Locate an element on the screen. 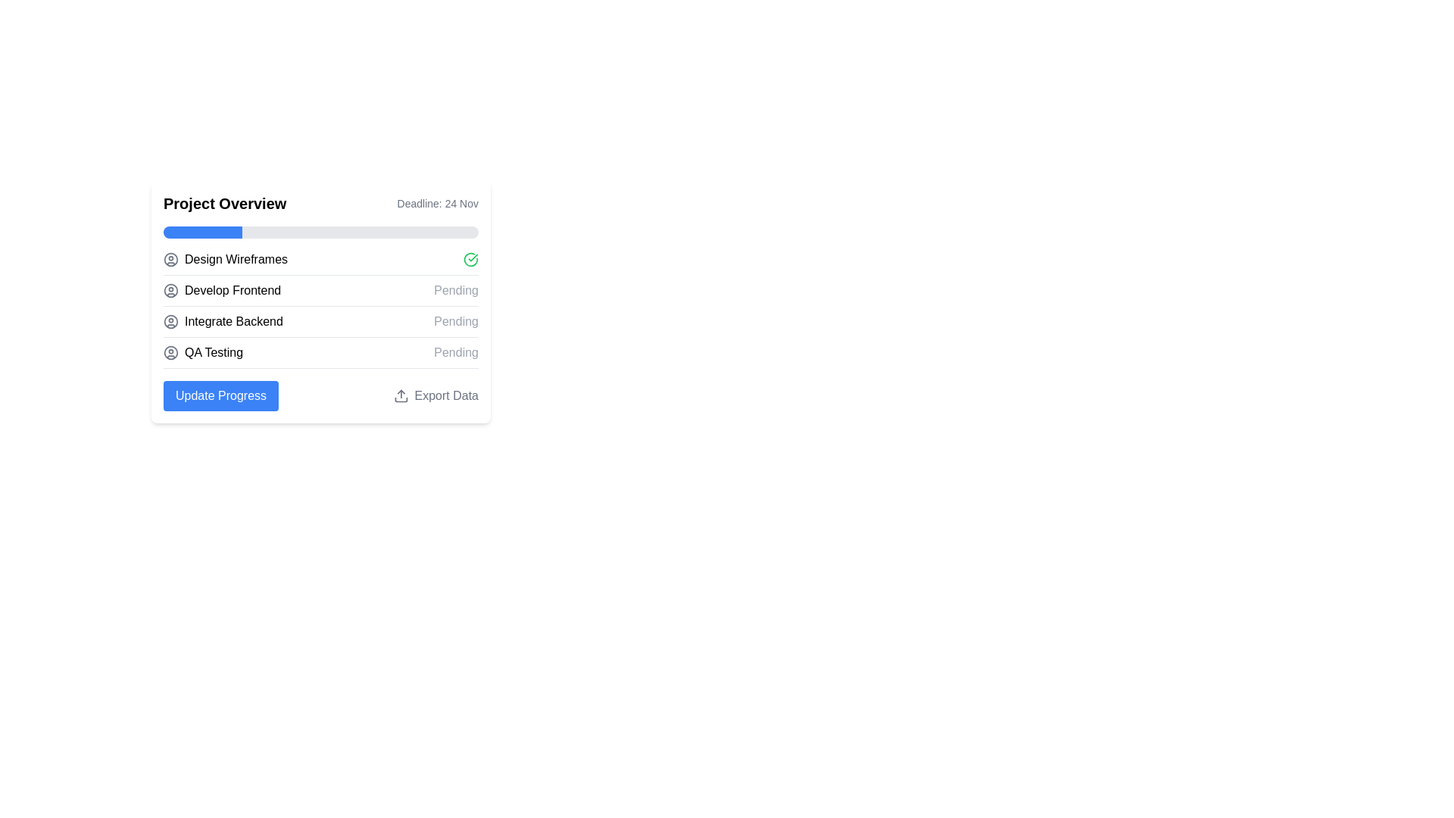 This screenshot has height=818, width=1454. the position of the 'Develop Frontend' task label is located at coordinates (221, 291).